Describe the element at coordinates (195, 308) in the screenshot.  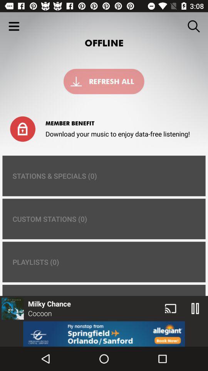
I see `the pause icon` at that location.